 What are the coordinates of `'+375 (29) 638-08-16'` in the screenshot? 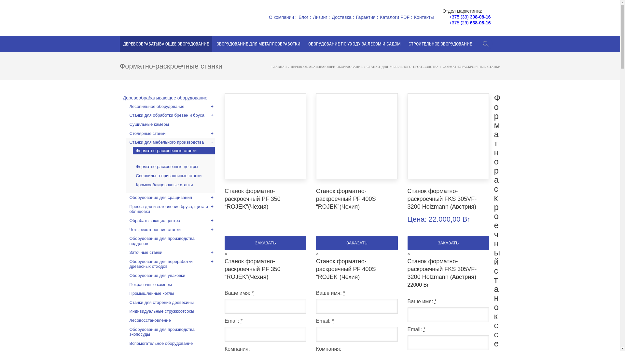 It's located at (470, 22).